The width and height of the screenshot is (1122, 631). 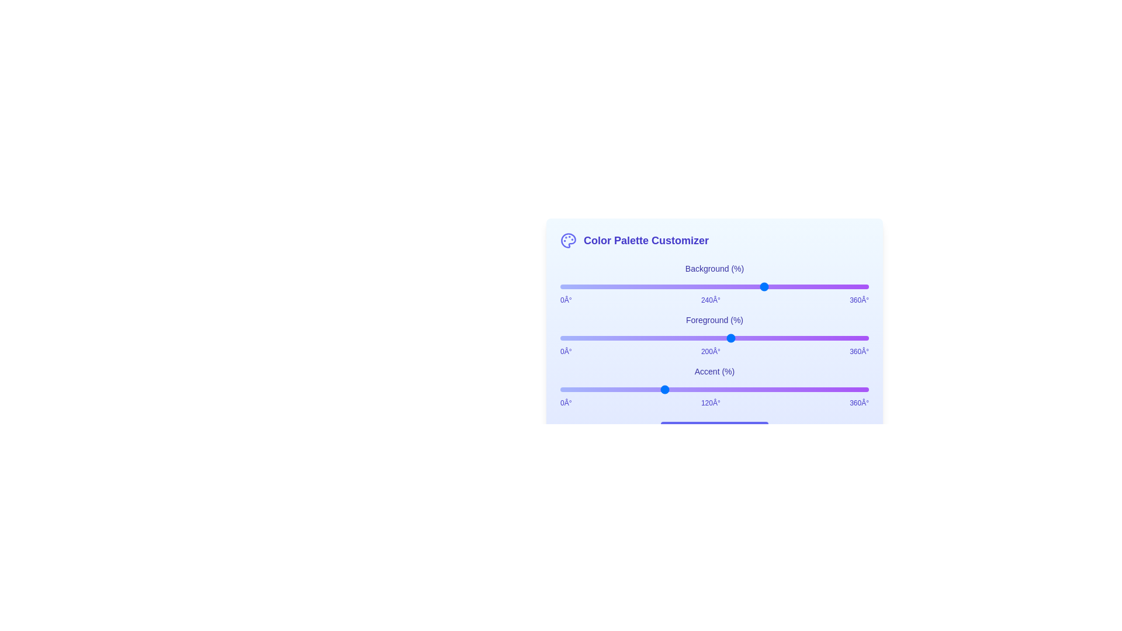 I want to click on the background color slider to set the hue to 265 degrees, so click(x=787, y=286).